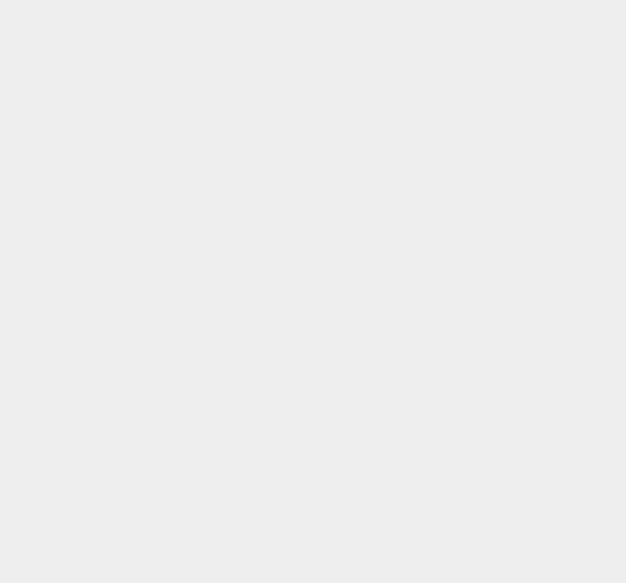  I want to click on 'Free Stuff', so click(458, 283).